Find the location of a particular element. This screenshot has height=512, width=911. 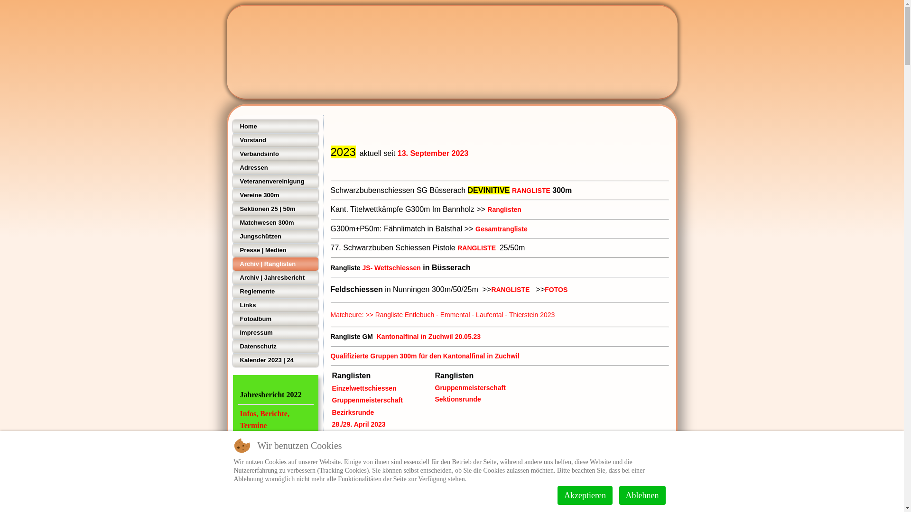

'Reglemente' is located at coordinates (232, 291).